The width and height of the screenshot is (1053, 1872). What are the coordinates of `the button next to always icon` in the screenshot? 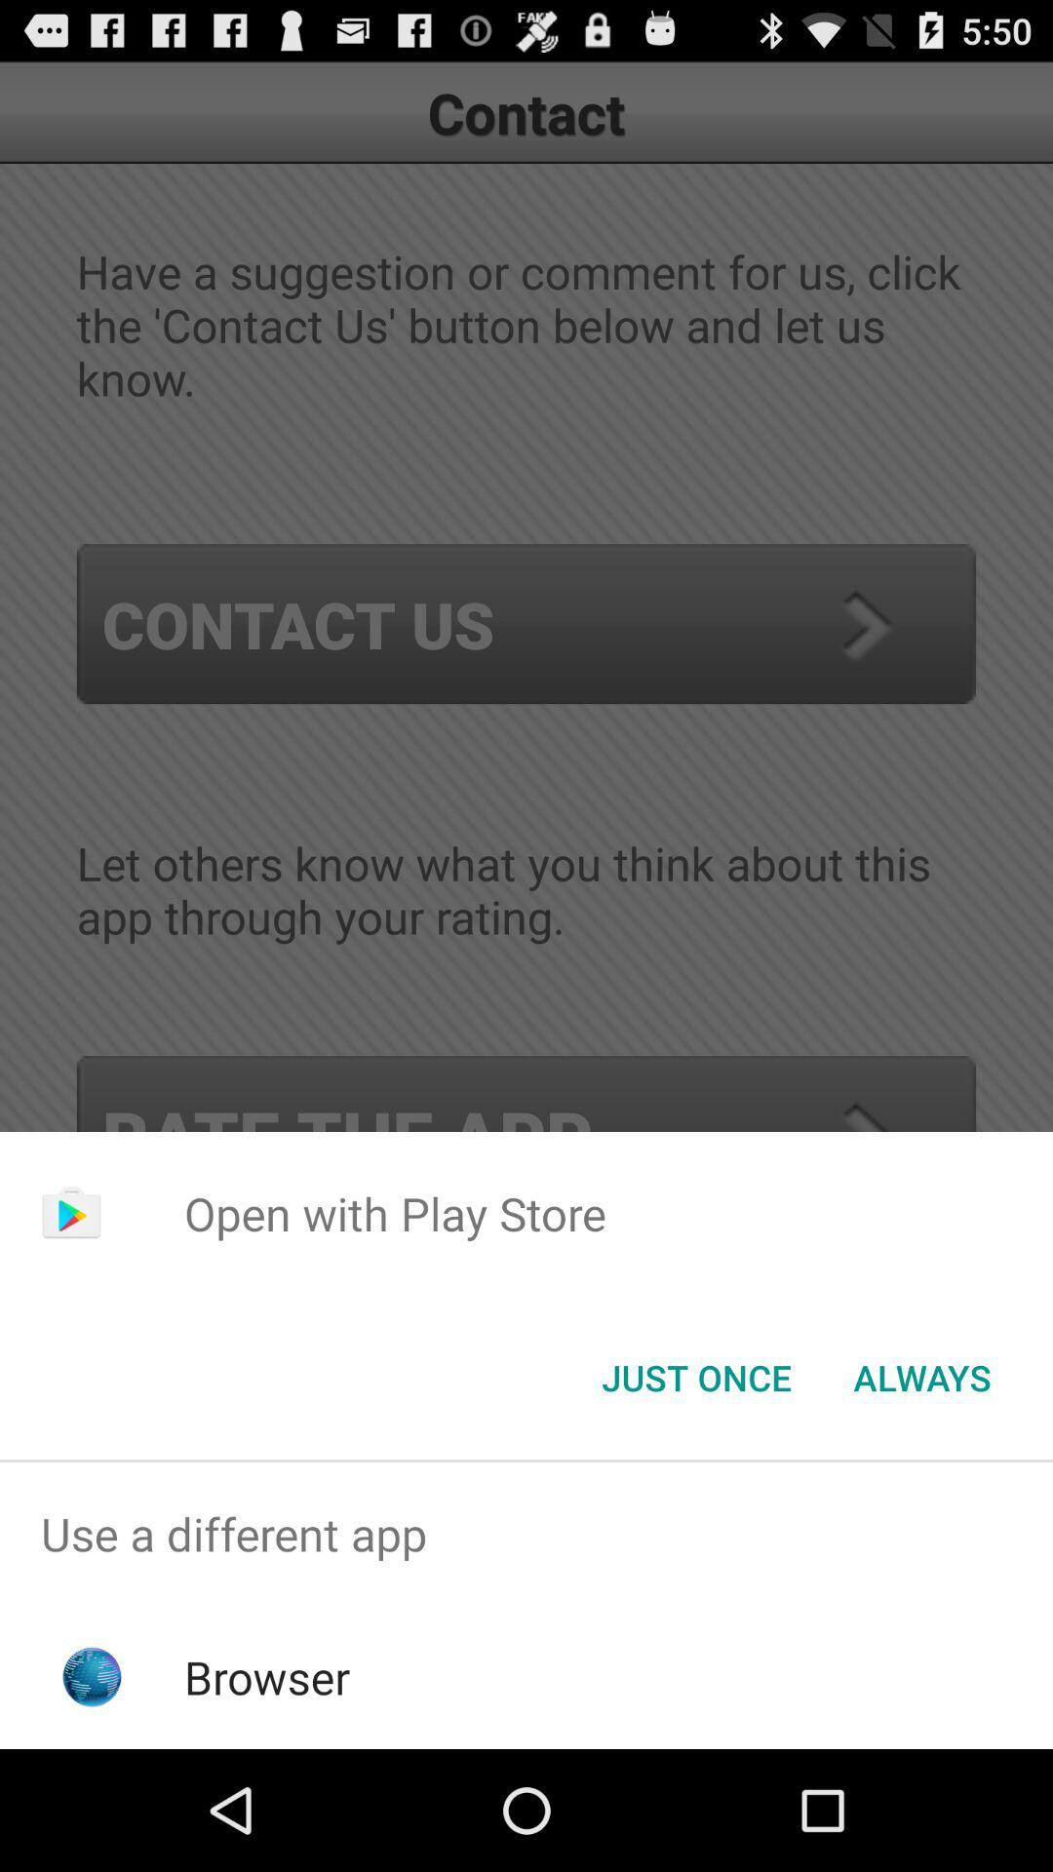 It's located at (695, 1376).